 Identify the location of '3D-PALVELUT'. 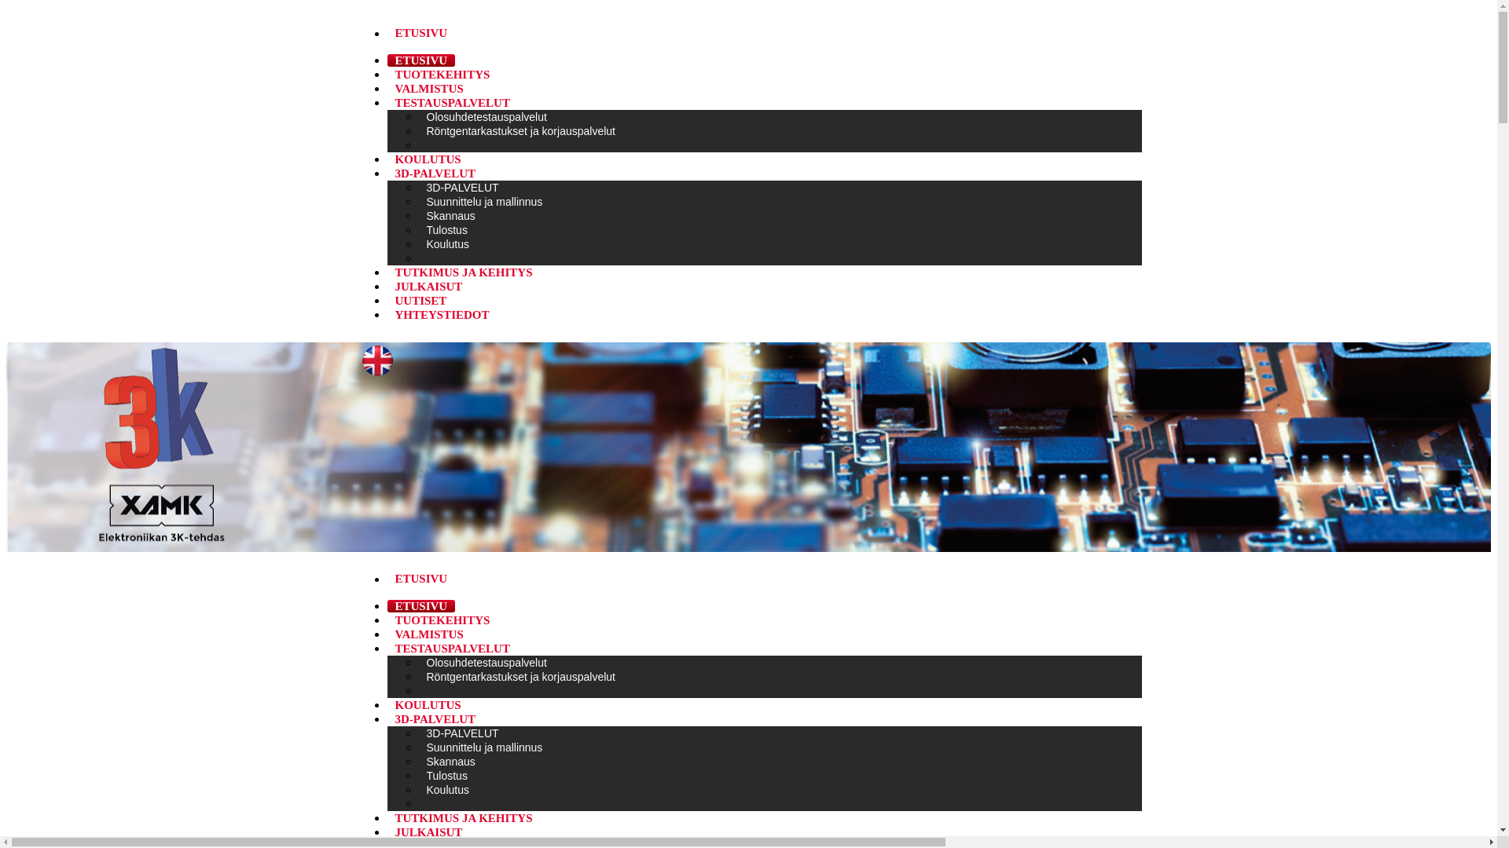
(461, 733).